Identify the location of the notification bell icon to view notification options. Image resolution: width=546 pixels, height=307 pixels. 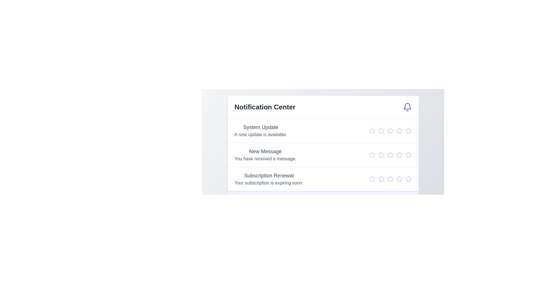
(407, 107).